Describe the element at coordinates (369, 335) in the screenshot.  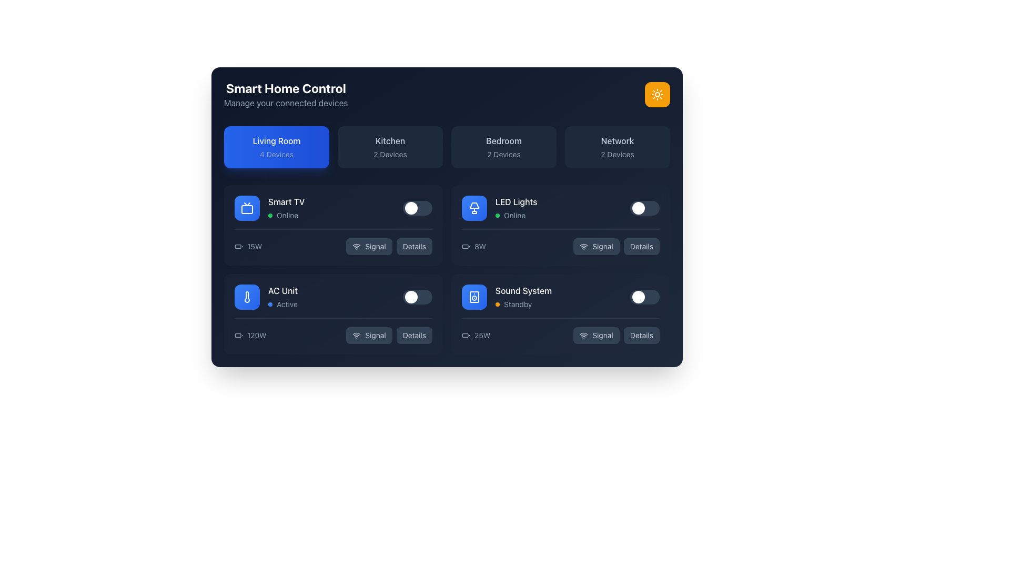
I see `the rounded 'Signal' button with a Wi-Fi icon, which has a dark slate blue background and light gray text, to trigger the tooltip or visual response` at that location.